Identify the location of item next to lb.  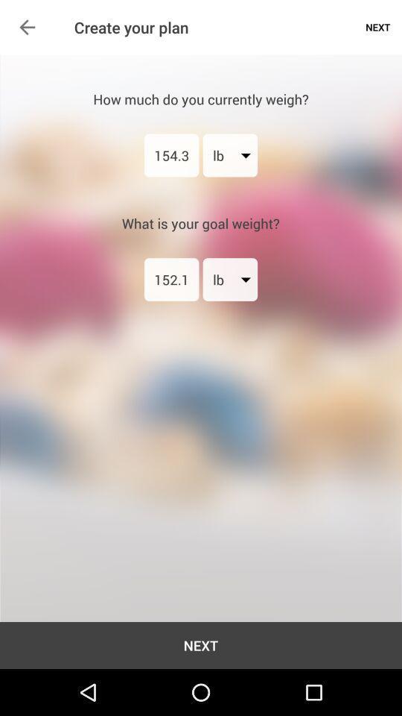
(170, 155).